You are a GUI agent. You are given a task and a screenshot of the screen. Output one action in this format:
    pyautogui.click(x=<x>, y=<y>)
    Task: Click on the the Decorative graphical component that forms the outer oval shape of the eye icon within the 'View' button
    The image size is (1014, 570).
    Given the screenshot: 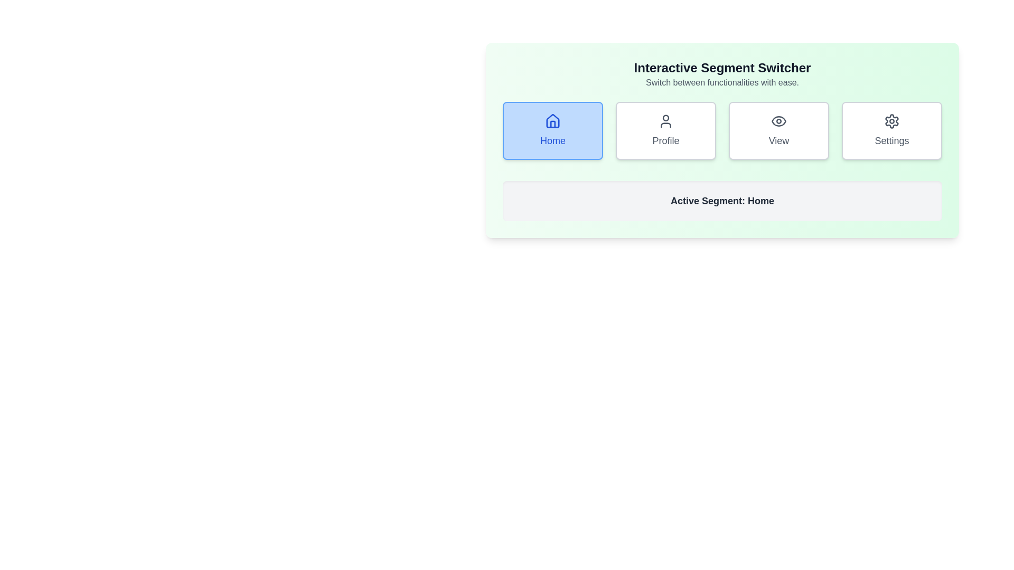 What is the action you would take?
    pyautogui.click(x=778, y=120)
    